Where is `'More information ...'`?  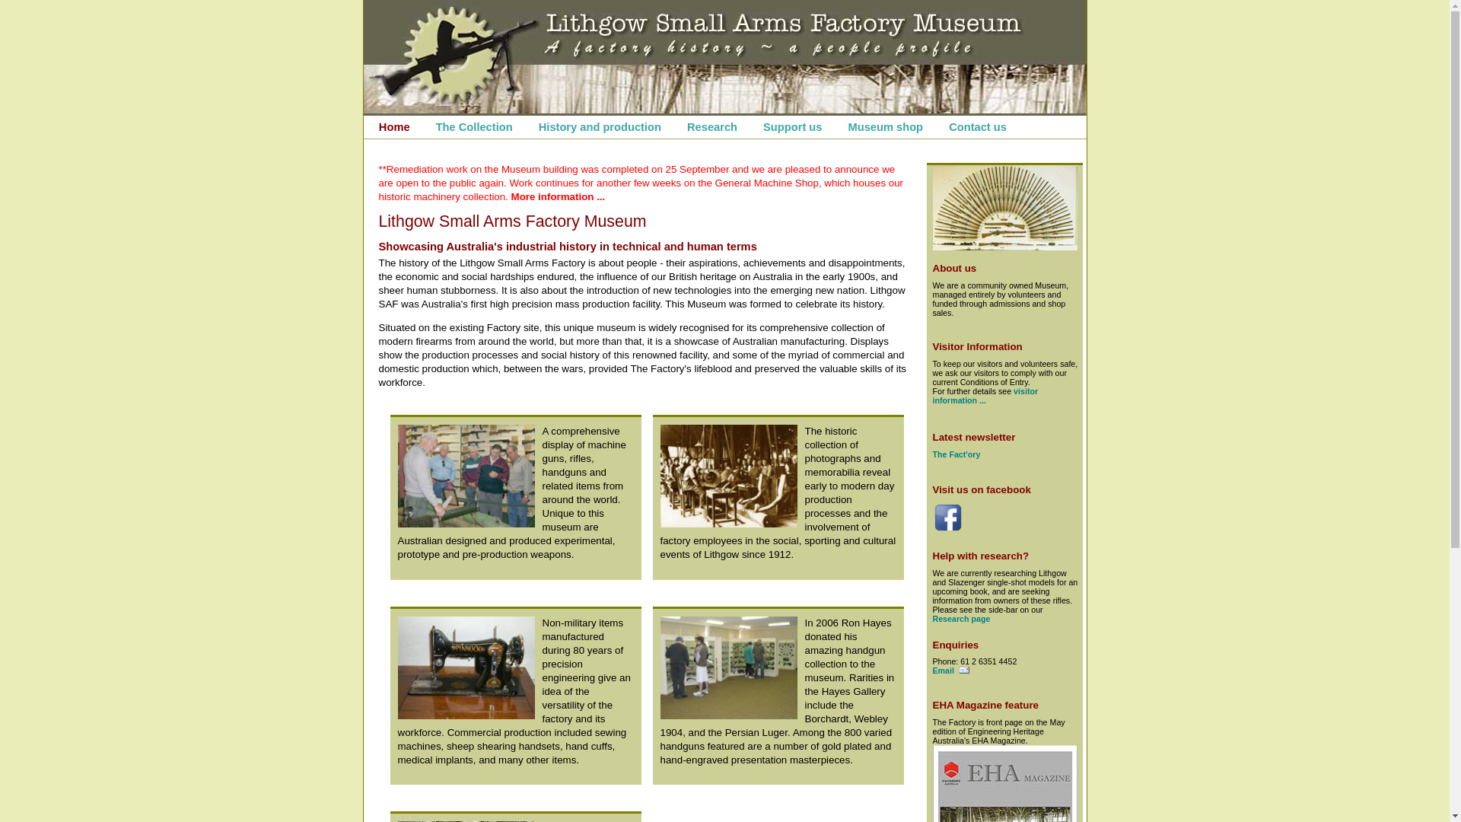
'More information ...' is located at coordinates (558, 196).